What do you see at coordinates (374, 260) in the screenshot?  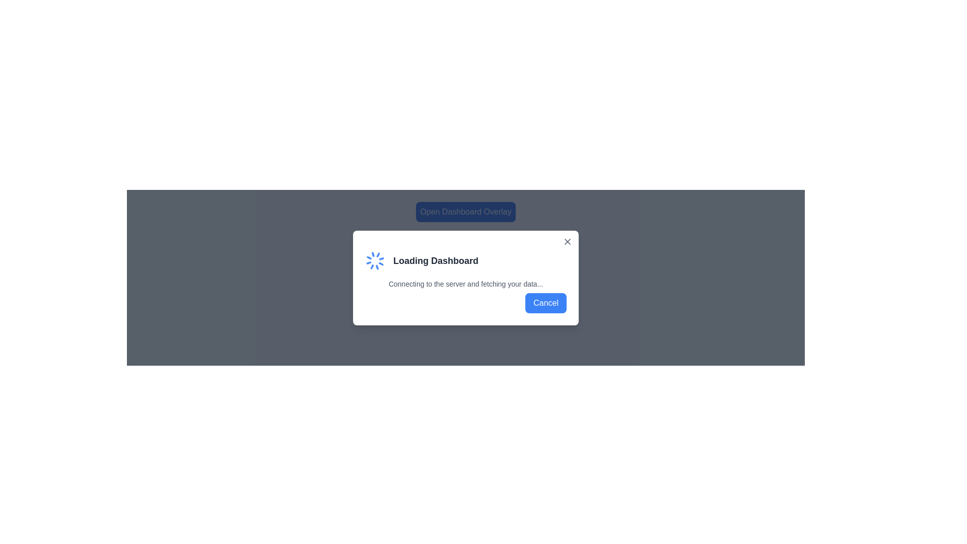 I see `the animated spinner icon, which is a circular loading indicator with blue lines, located above the text 'Loading Dashboard' in the top-left corner of the pop-up modal` at bounding box center [374, 260].